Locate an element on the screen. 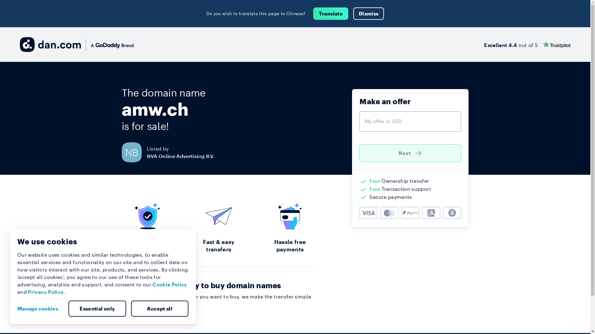  'Essential only' is located at coordinates (97, 309).